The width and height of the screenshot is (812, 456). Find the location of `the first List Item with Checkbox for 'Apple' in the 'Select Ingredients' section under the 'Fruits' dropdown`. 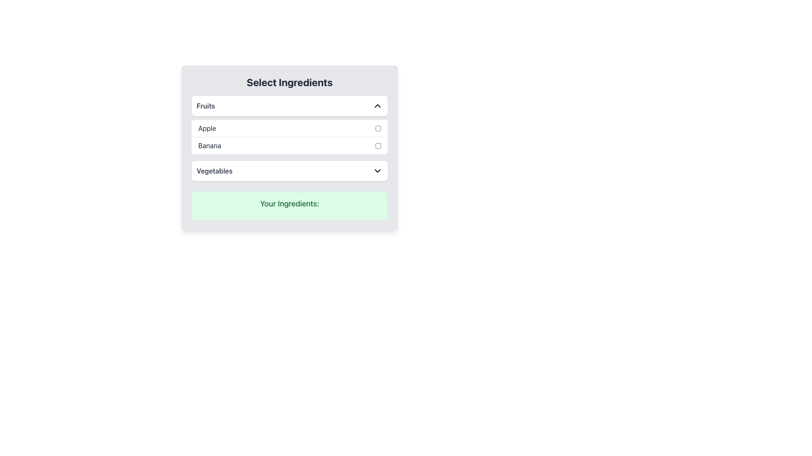

the first List Item with Checkbox for 'Apple' in the 'Select Ingredients' section under the 'Fruits' dropdown is located at coordinates (290, 128).